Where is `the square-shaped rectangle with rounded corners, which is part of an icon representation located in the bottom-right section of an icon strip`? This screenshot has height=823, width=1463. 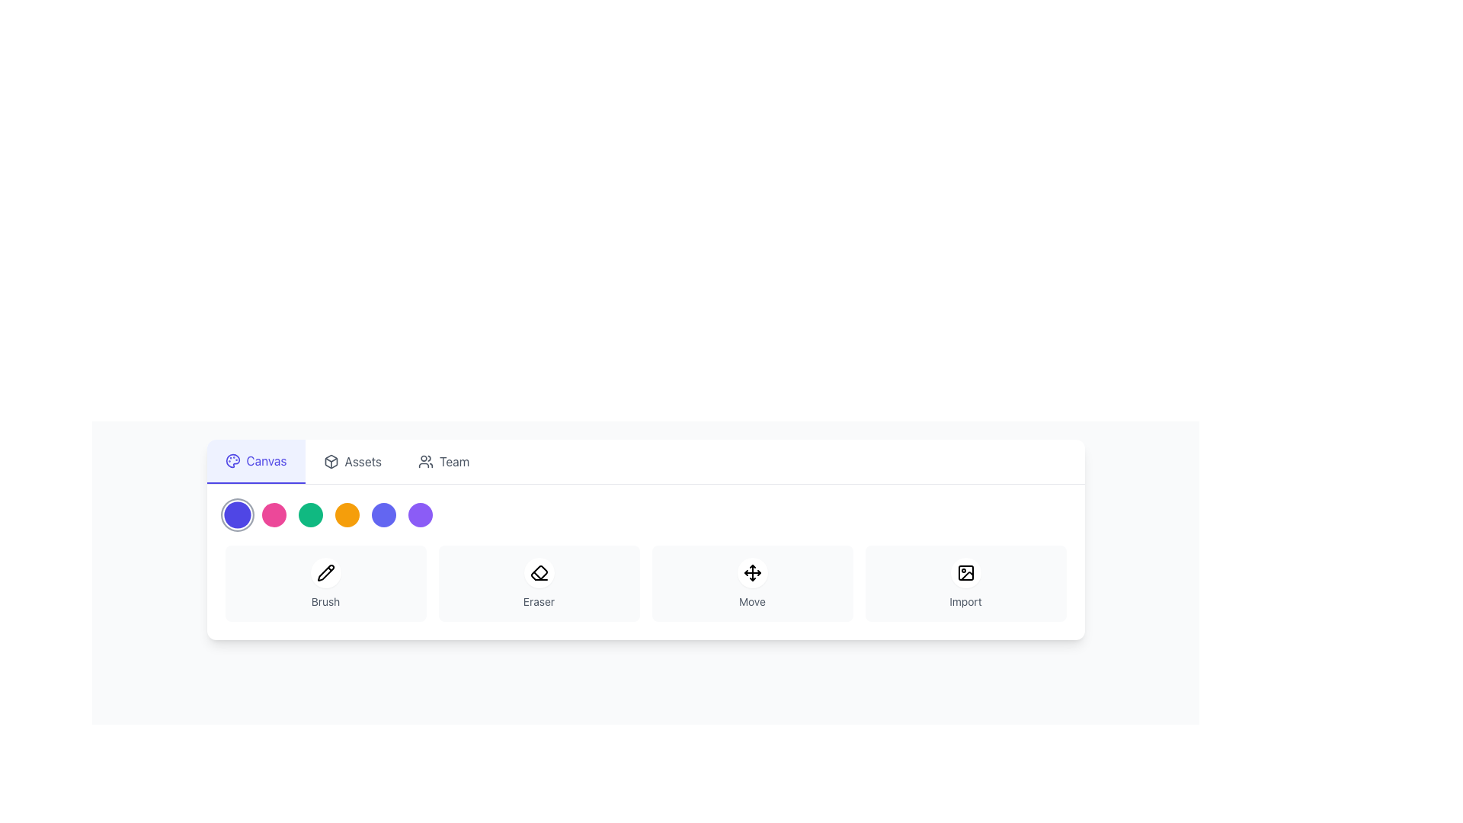
the square-shaped rectangle with rounded corners, which is part of an icon representation located in the bottom-right section of an icon strip is located at coordinates (965, 573).